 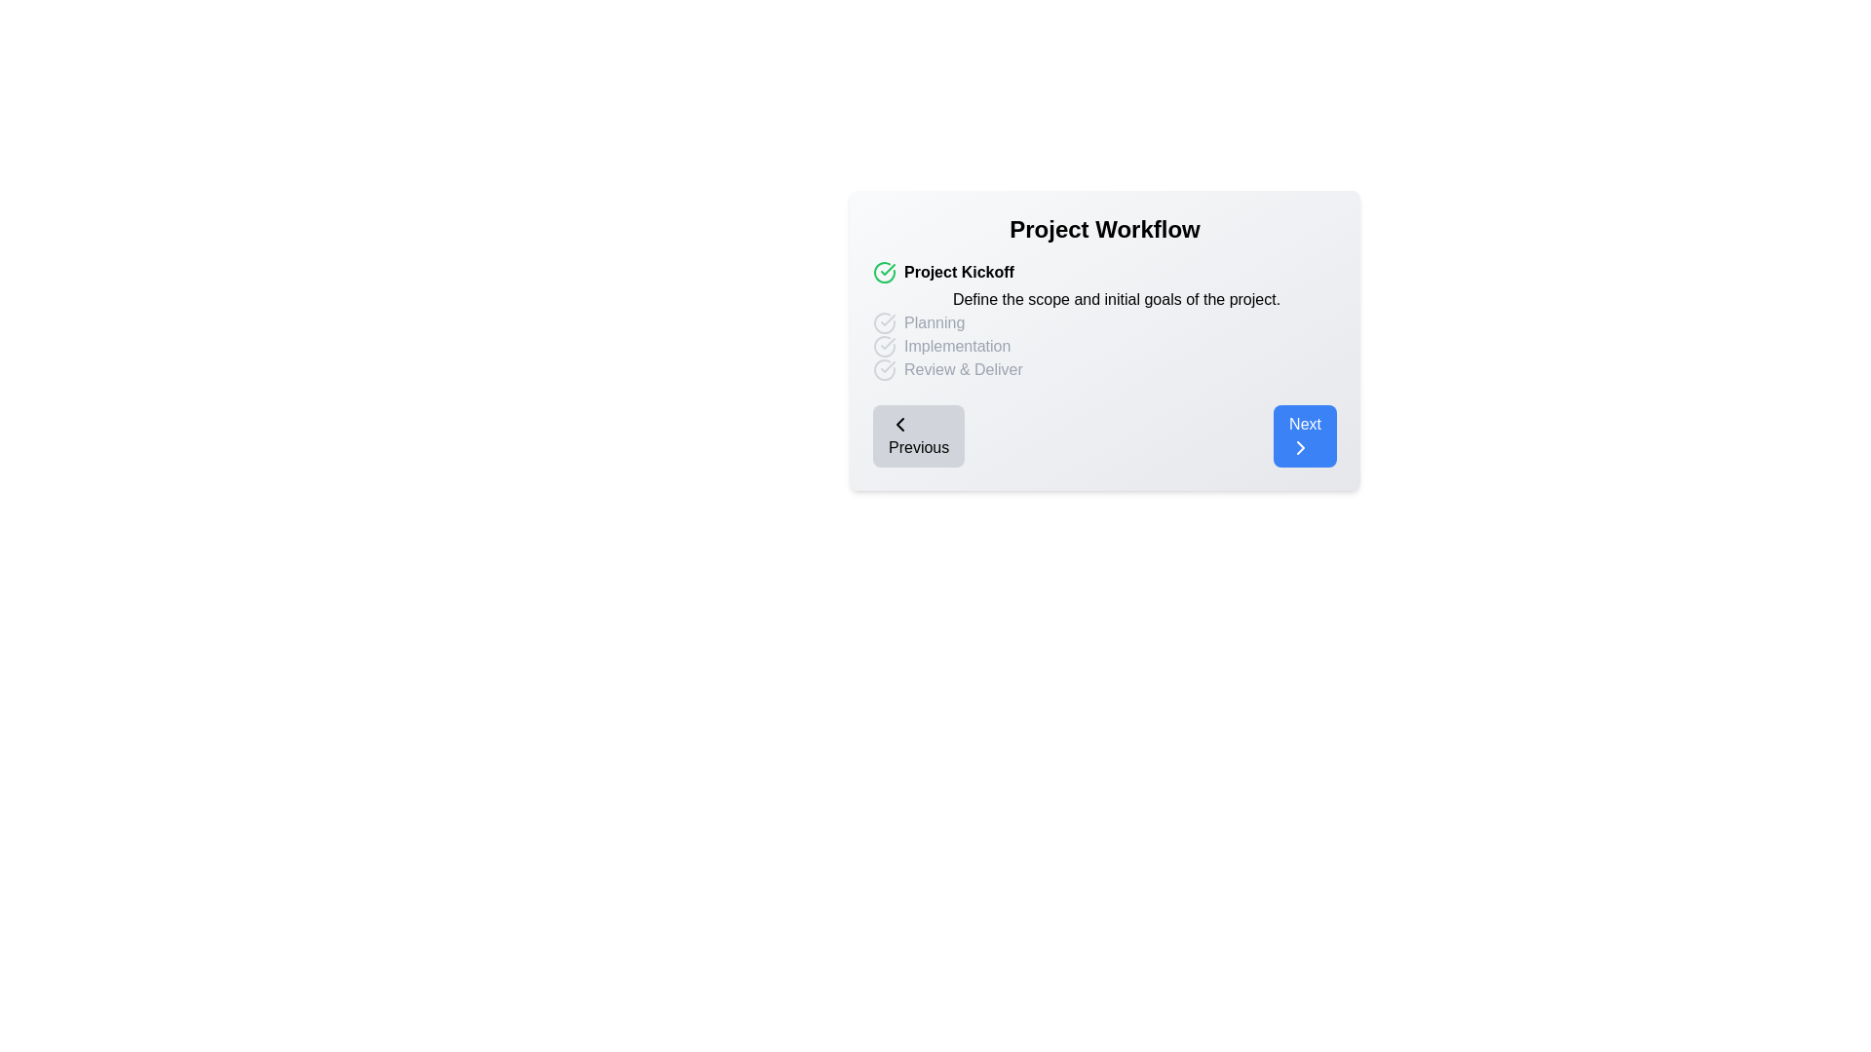 I want to click on the 'Previous' button to navigate to the previous step in the timeline, so click(x=917, y=434).